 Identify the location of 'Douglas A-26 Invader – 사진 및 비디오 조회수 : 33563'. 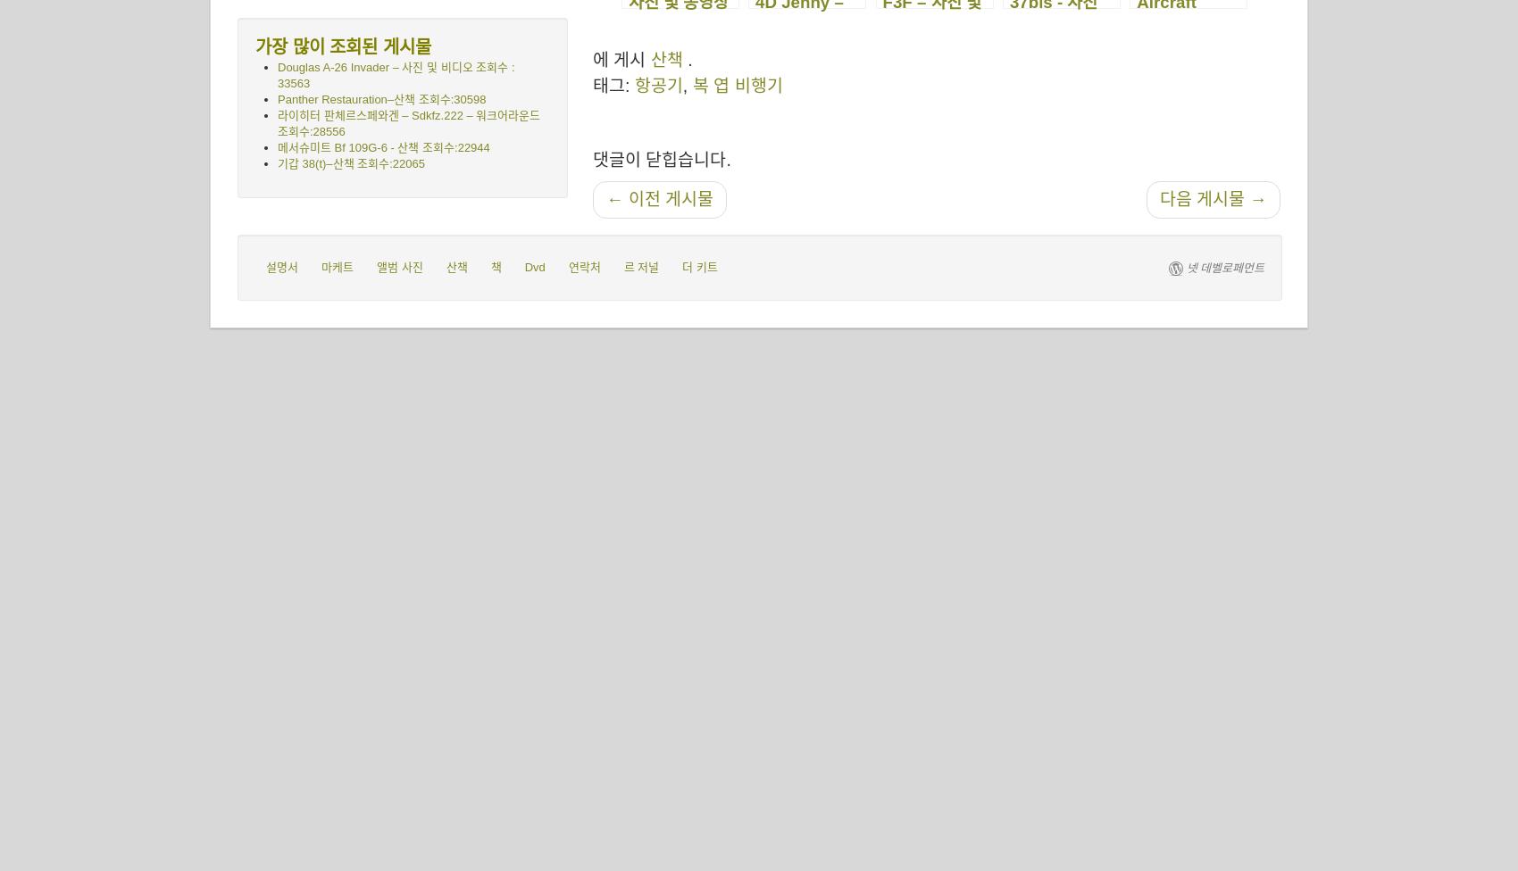
(277, 75).